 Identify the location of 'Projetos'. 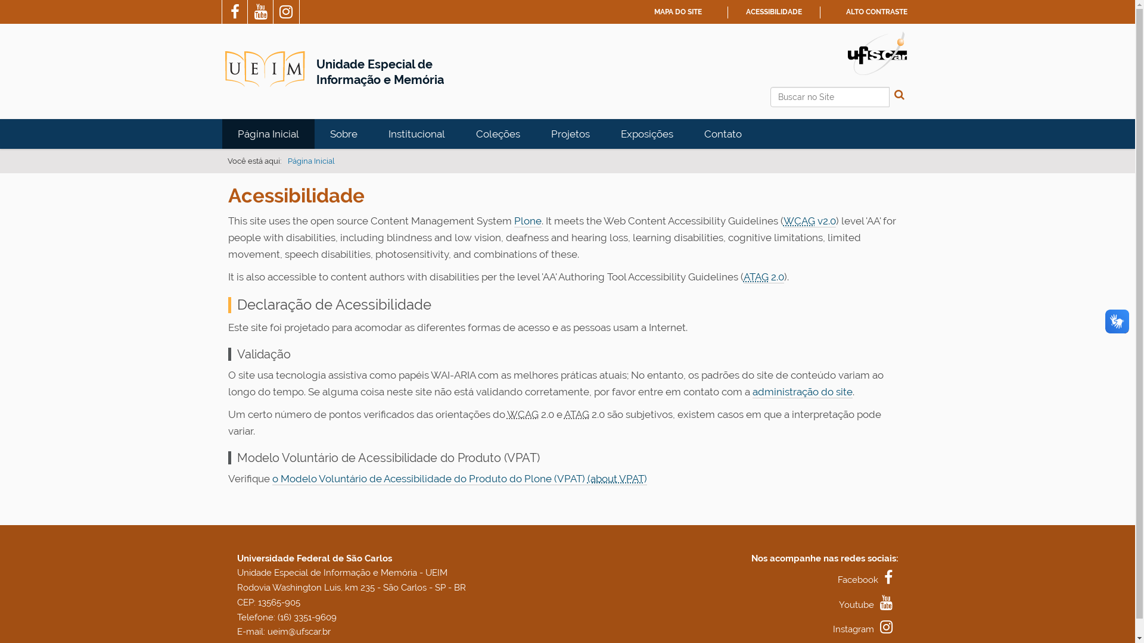
(569, 133).